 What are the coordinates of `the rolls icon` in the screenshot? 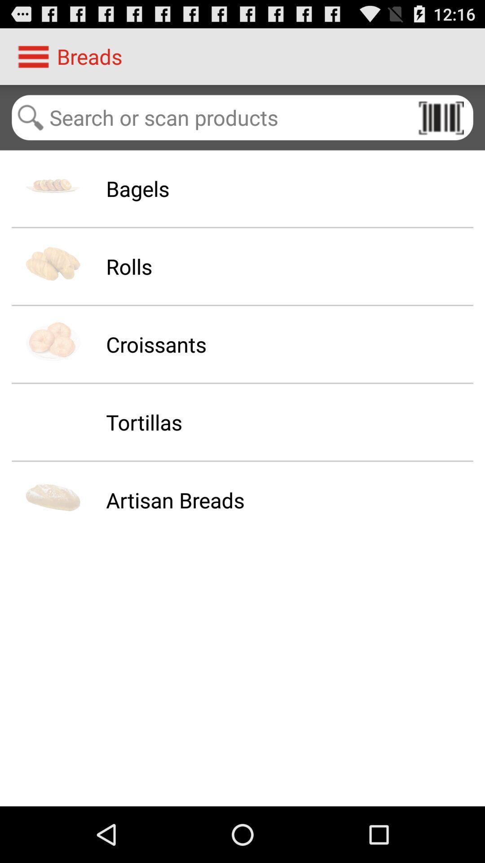 It's located at (129, 266).